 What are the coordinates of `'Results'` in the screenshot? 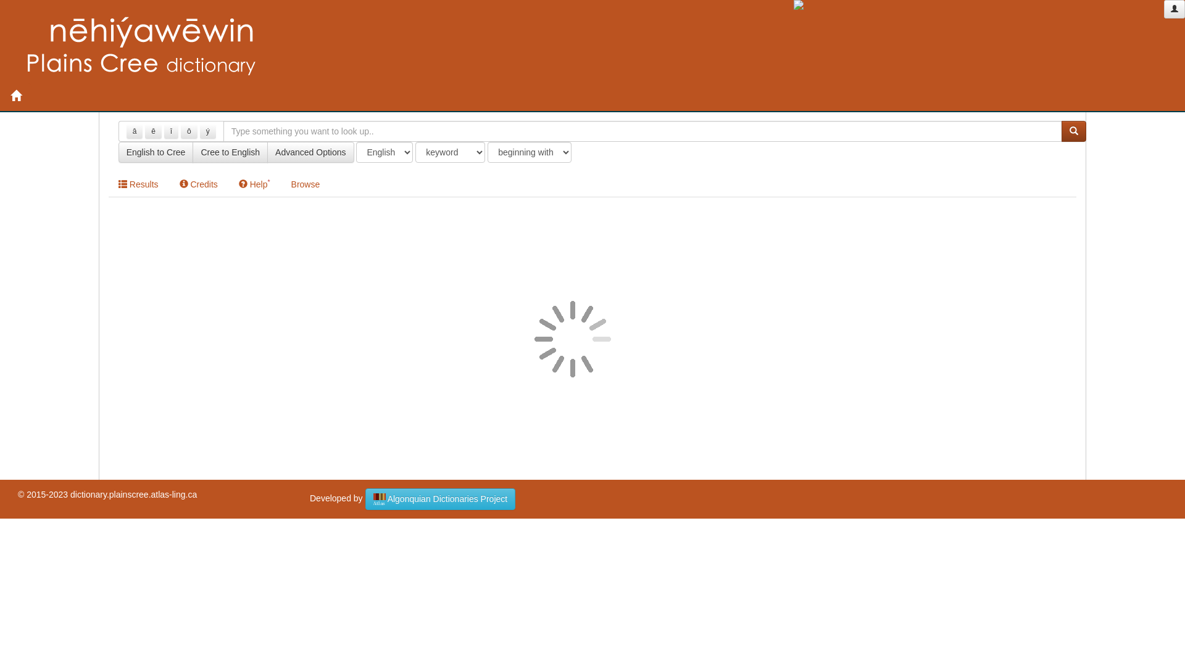 It's located at (138, 184).